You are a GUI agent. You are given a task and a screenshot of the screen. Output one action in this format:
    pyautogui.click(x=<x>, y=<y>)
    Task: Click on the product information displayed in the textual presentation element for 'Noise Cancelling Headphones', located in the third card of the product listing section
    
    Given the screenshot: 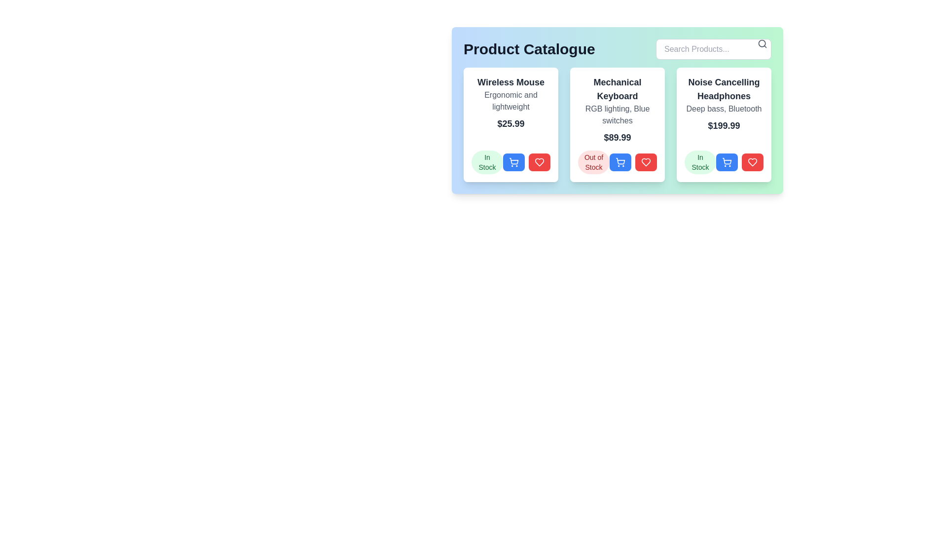 What is the action you would take?
    pyautogui.click(x=724, y=104)
    